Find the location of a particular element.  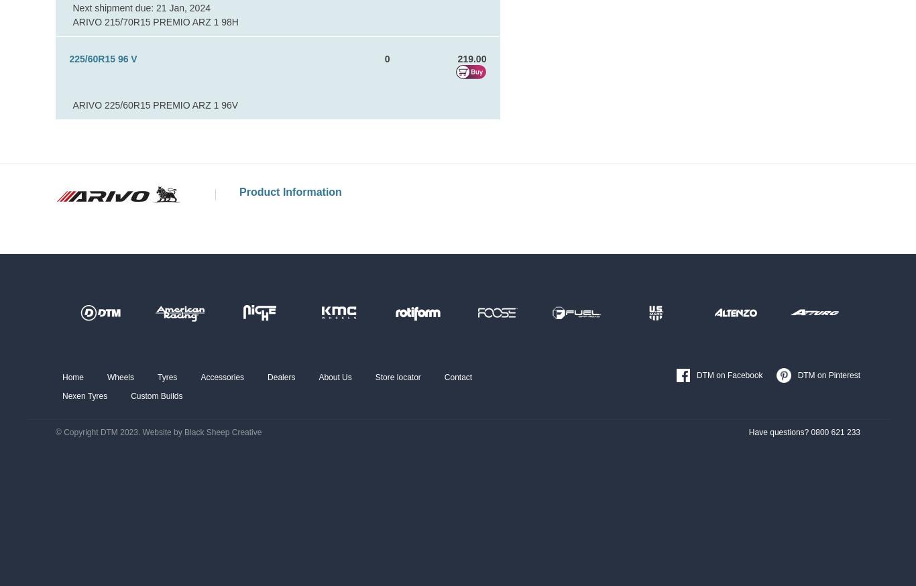

'Have questions?' is located at coordinates (779, 432).